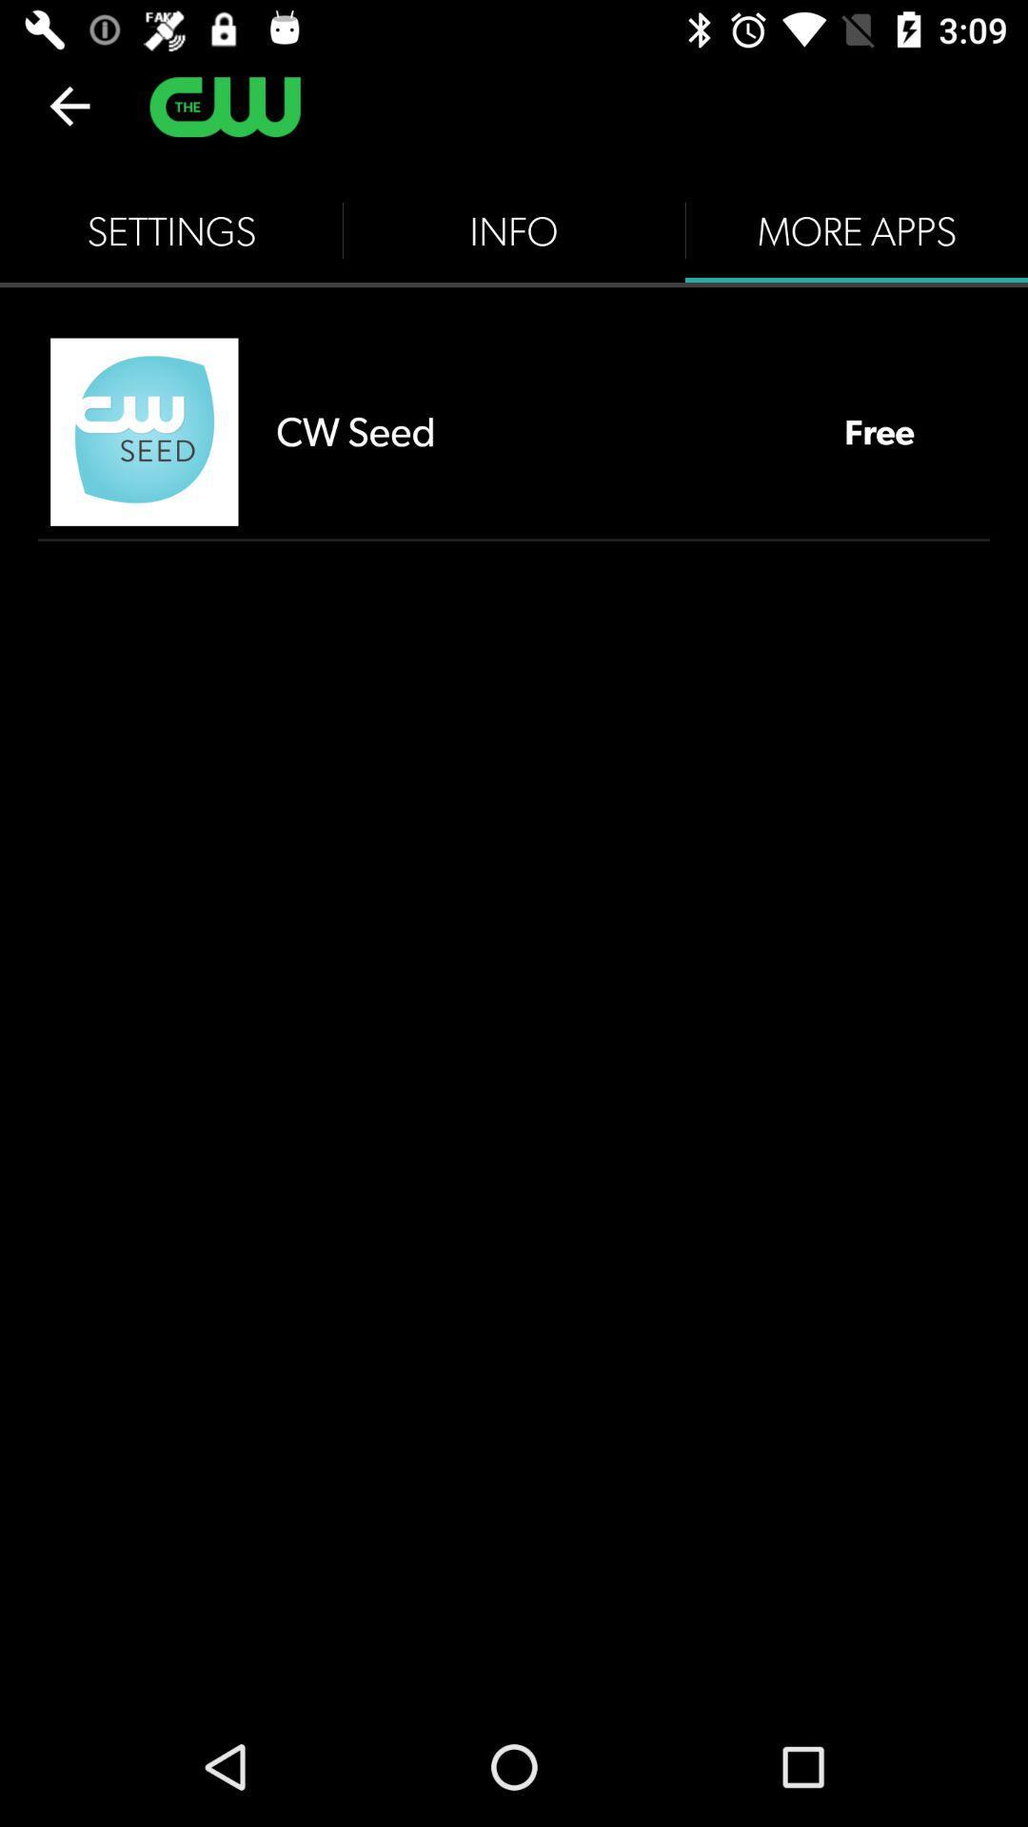 This screenshot has height=1827, width=1028. Describe the element at coordinates (855, 230) in the screenshot. I see `the more apps item` at that location.